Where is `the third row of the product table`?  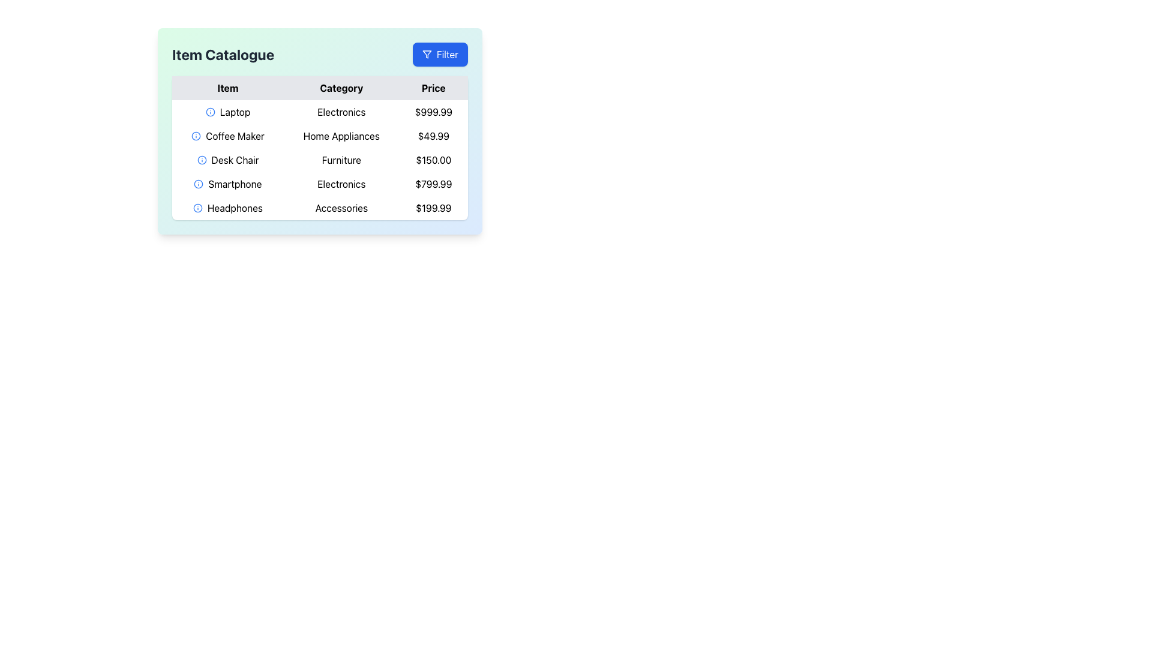
the third row of the product table is located at coordinates (320, 159).